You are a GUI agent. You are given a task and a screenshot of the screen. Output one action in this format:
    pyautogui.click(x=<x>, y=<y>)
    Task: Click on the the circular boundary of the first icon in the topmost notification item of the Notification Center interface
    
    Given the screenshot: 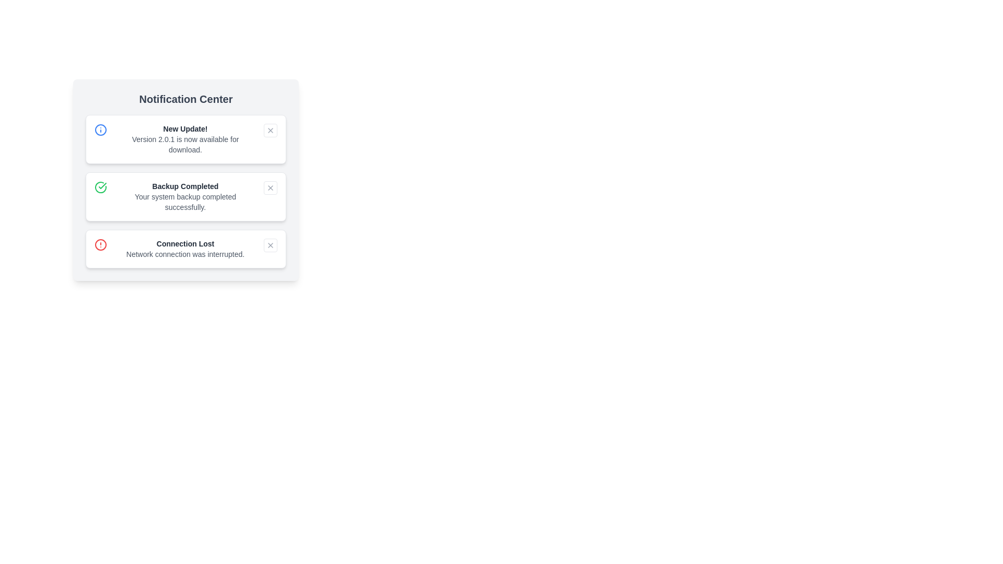 What is the action you would take?
    pyautogui.click(x=100, y=130)
    